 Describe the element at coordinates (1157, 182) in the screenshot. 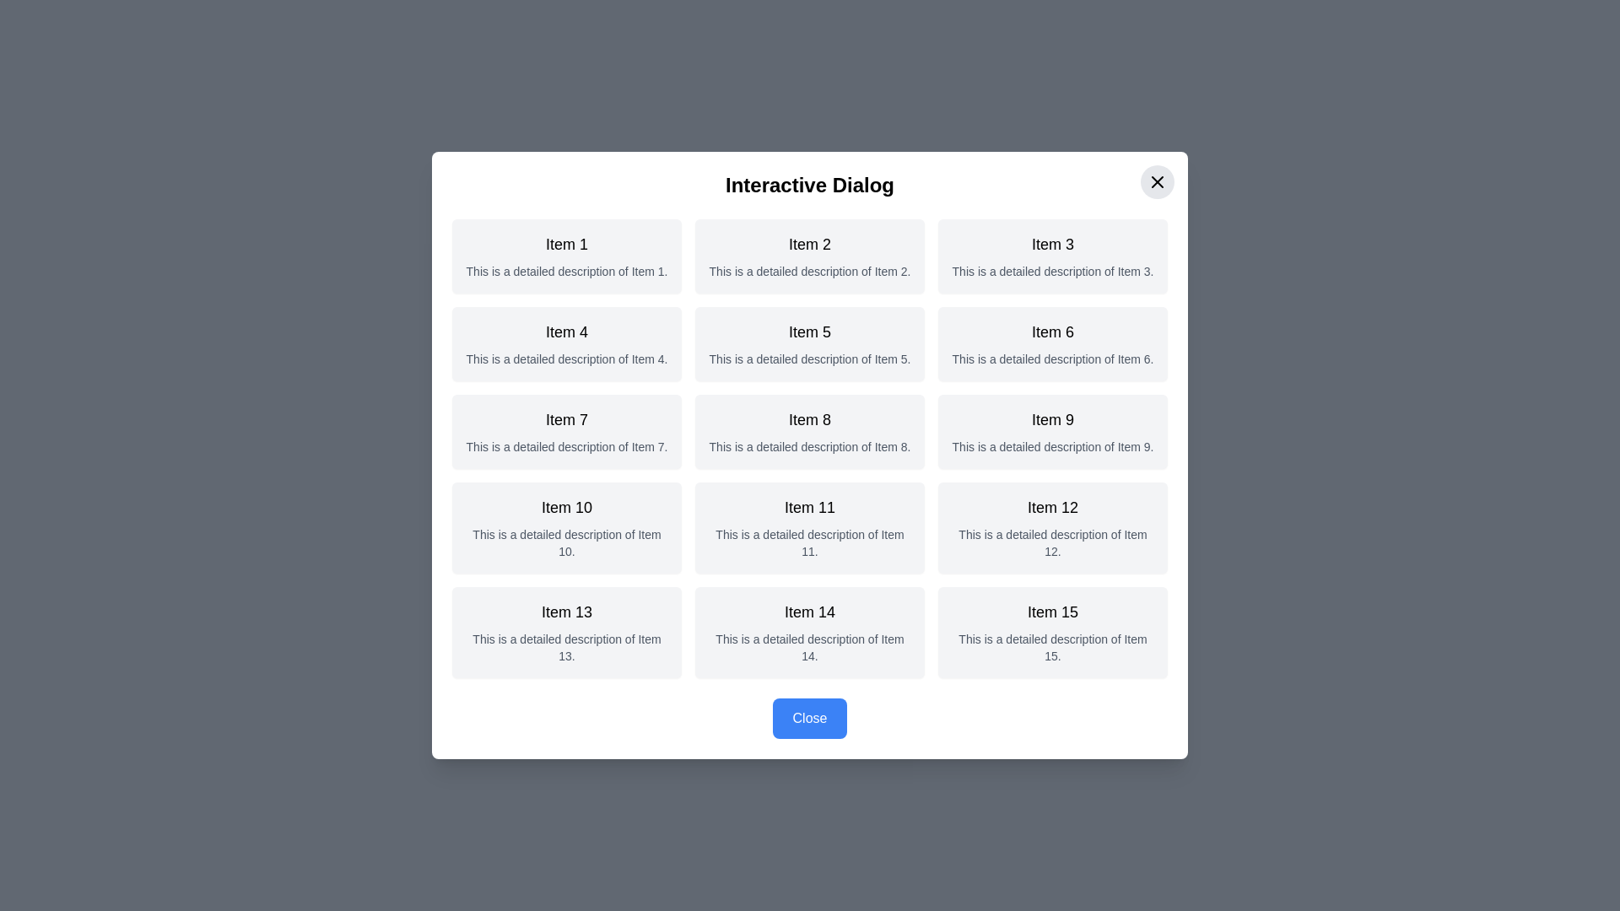

I see `close button located at the top-right corner of the dialog` at that location.